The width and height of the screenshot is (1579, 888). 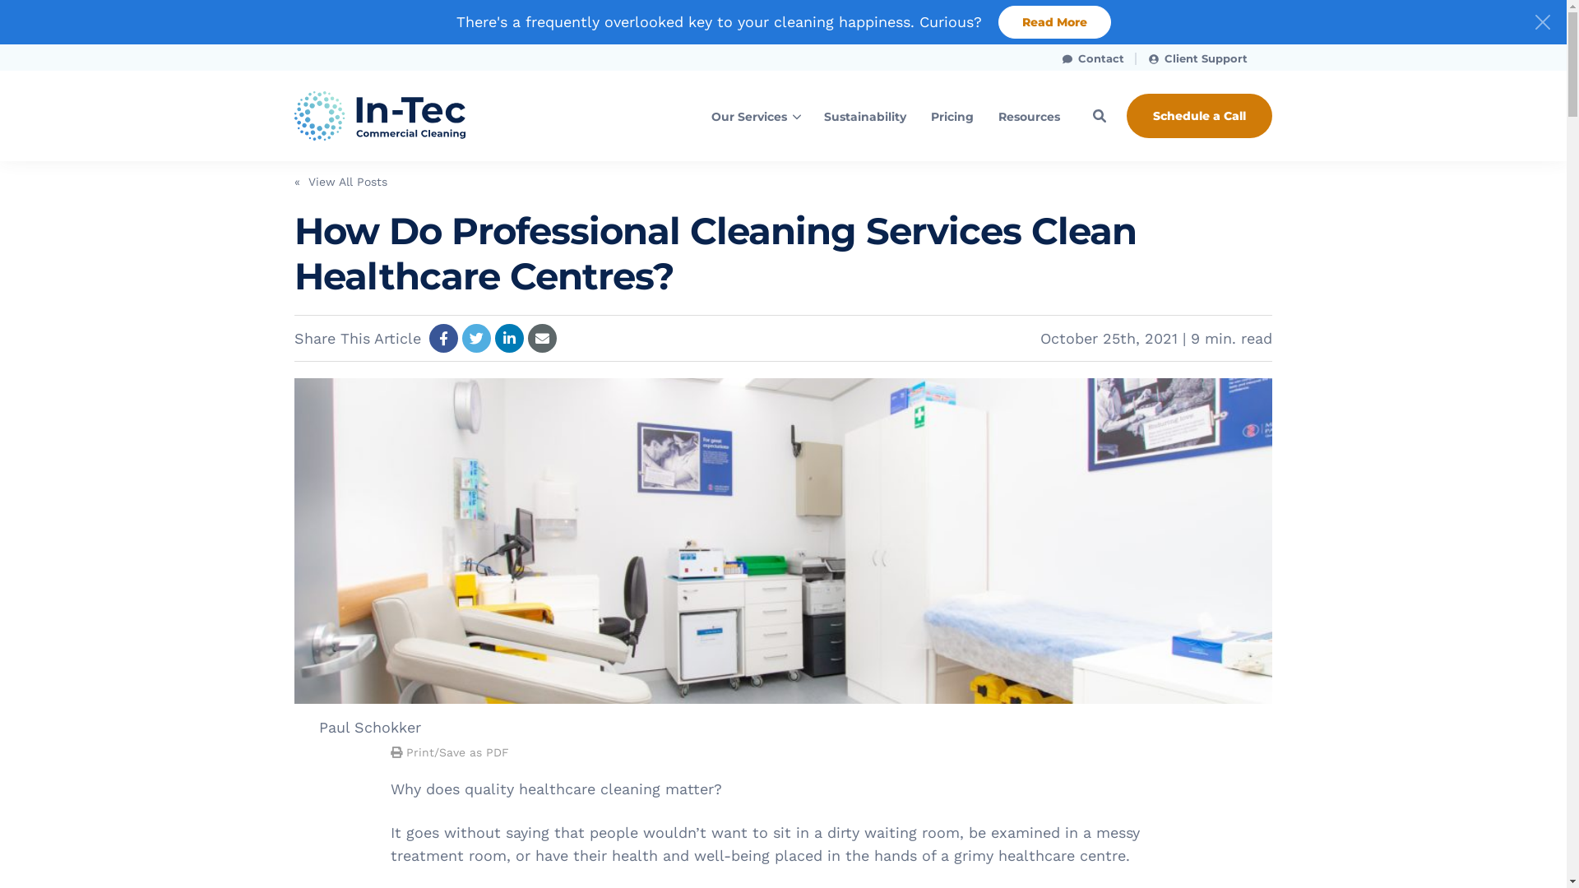 I want to click on 'Share on Linkedin', so click(x=493, y=337).